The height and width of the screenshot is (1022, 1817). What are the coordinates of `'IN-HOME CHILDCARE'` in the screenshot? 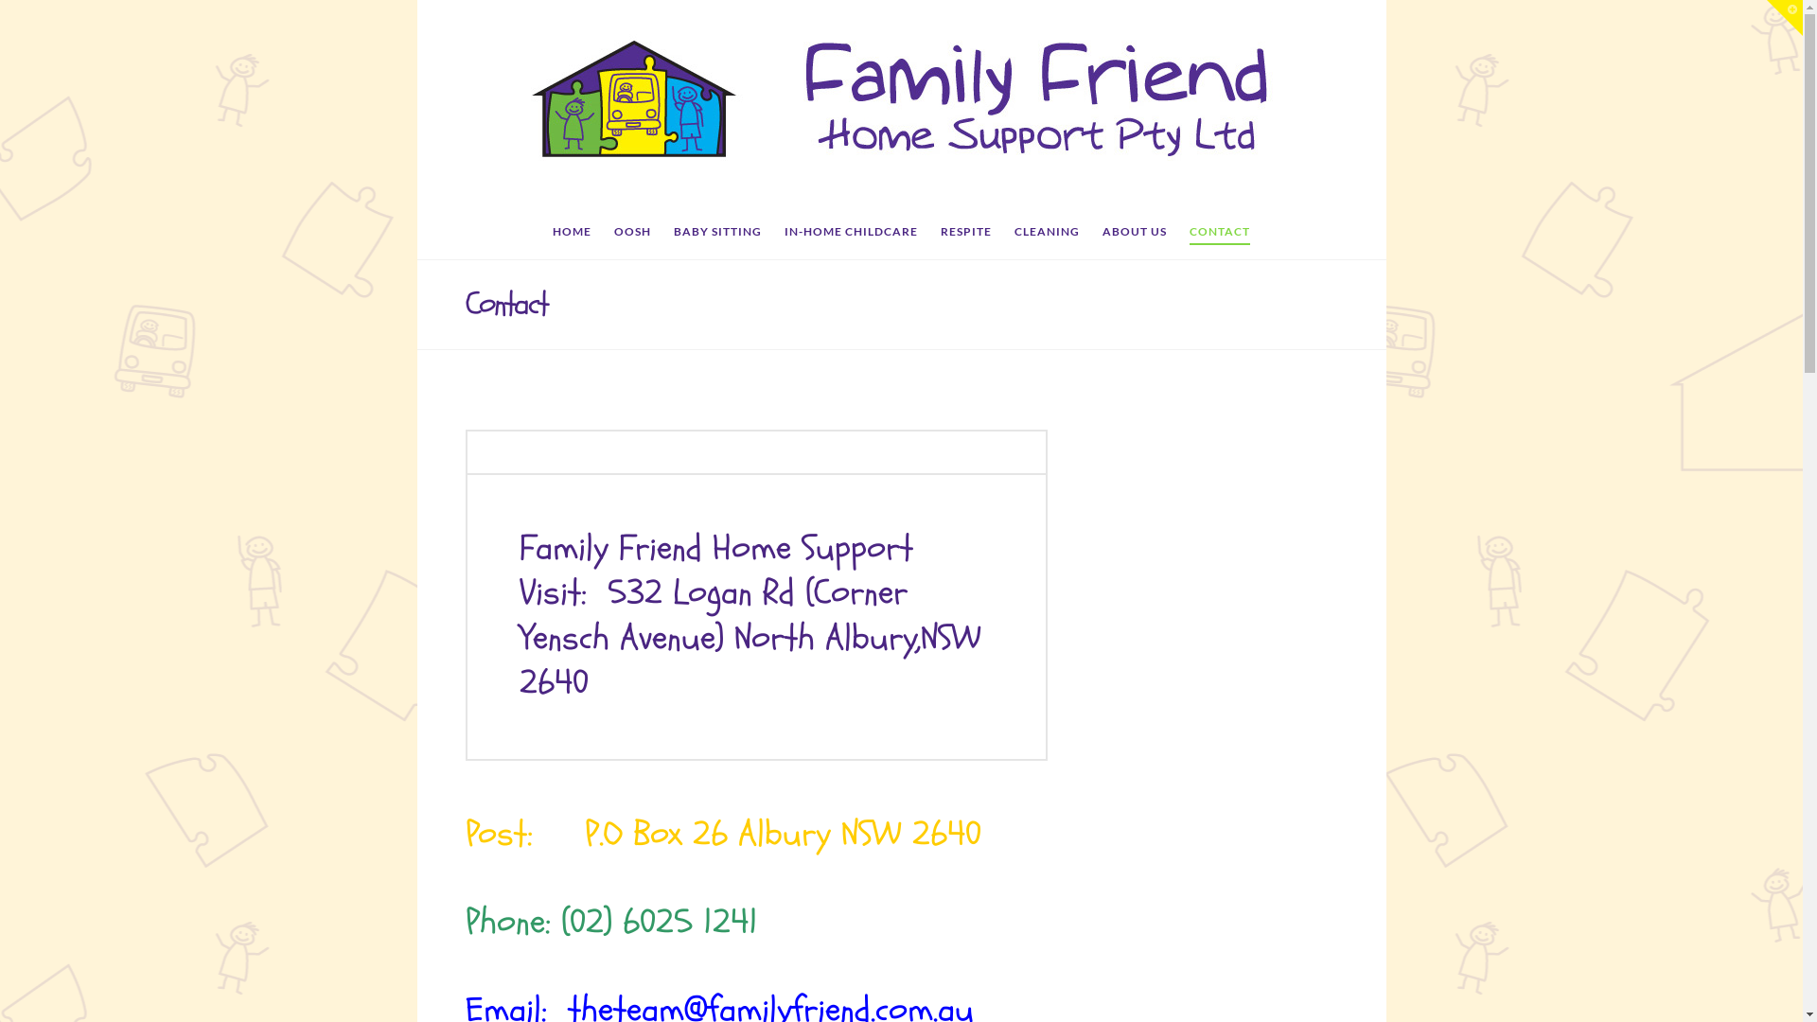 It's located at (850, 235).